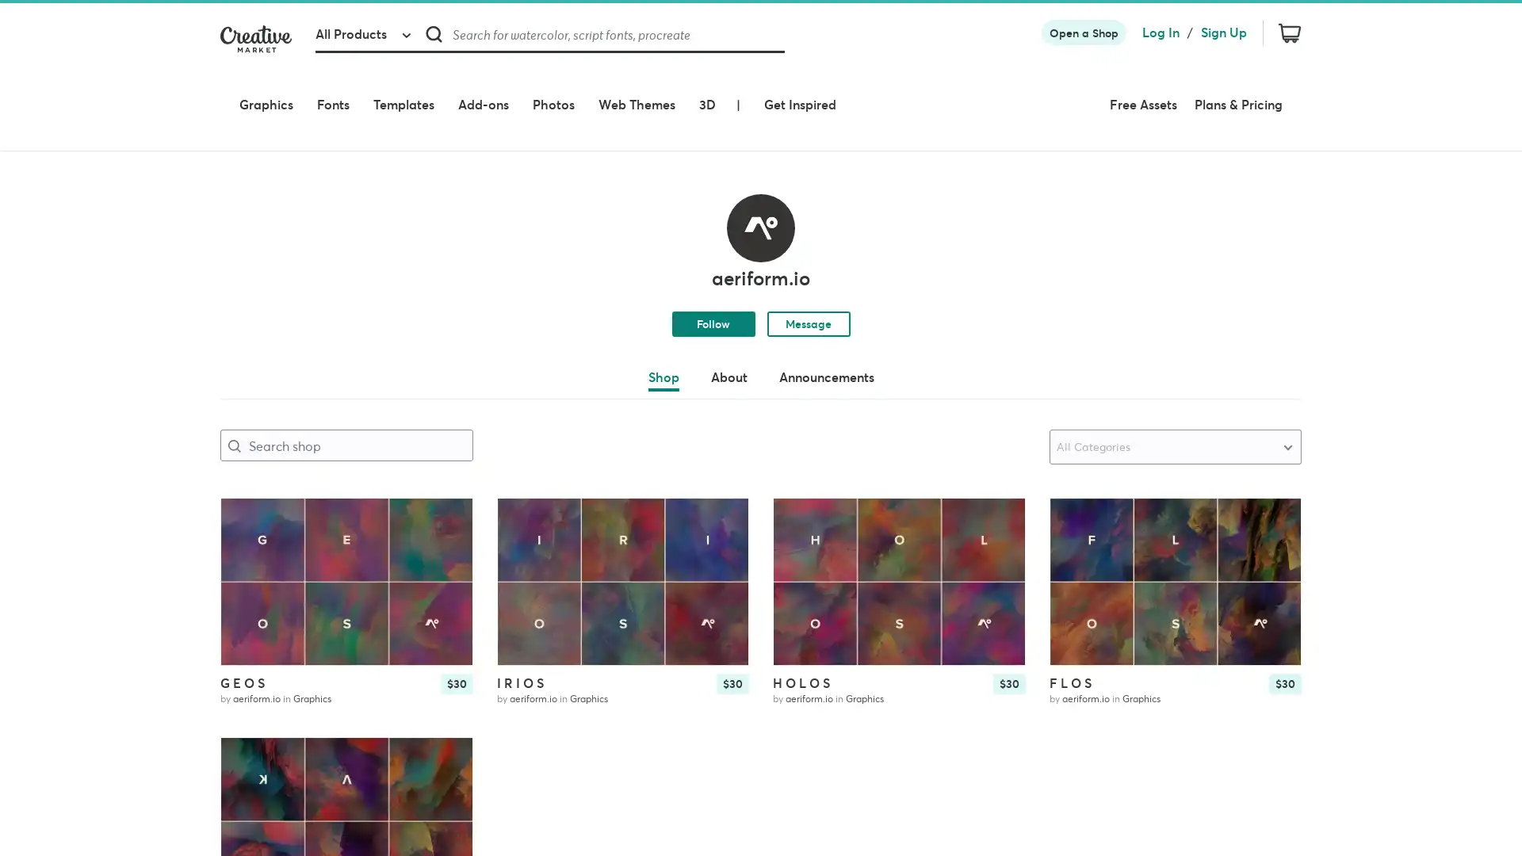  What do you see at coordinates (446, 490) in the screenshot?
I see `Save` at bounding box center [446, 490].